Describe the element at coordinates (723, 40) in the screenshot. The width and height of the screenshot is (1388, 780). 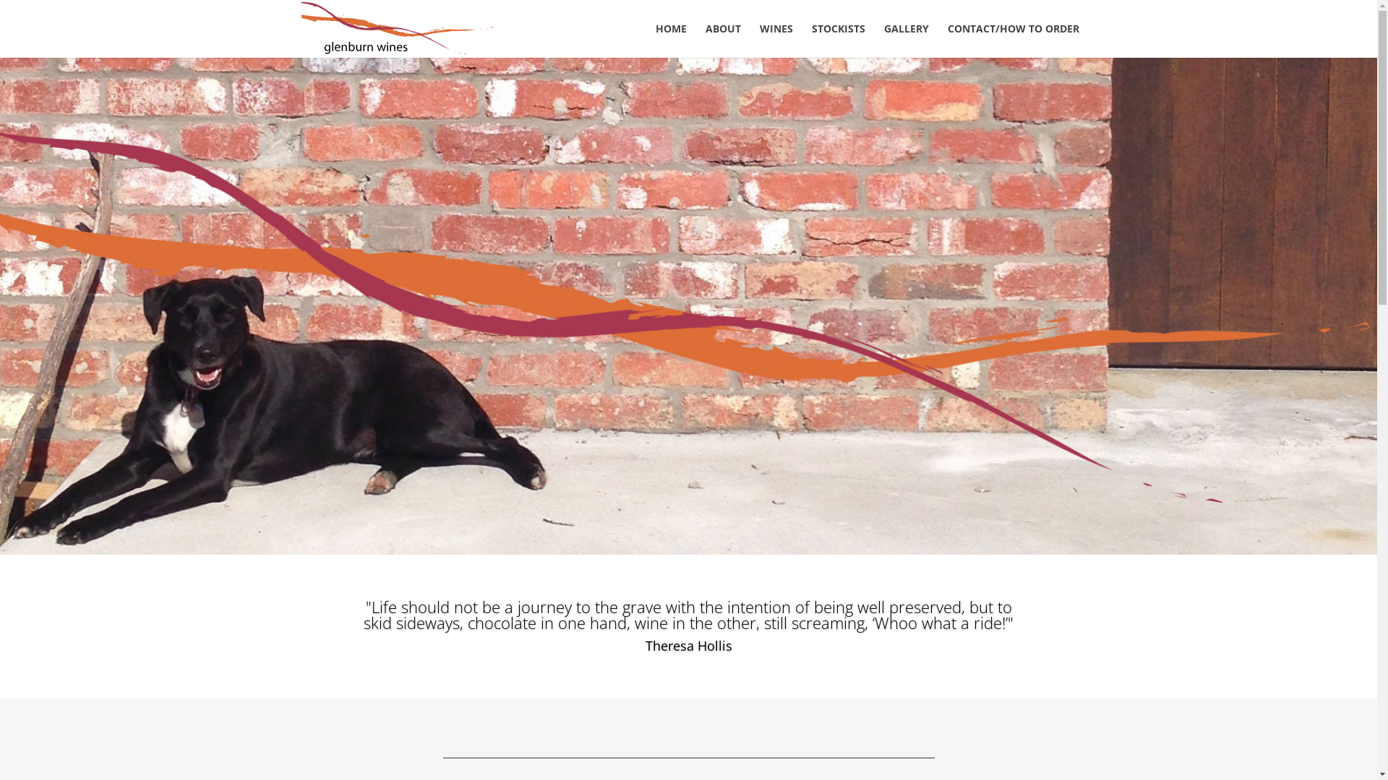
I see `'ABOUT'` at that location.